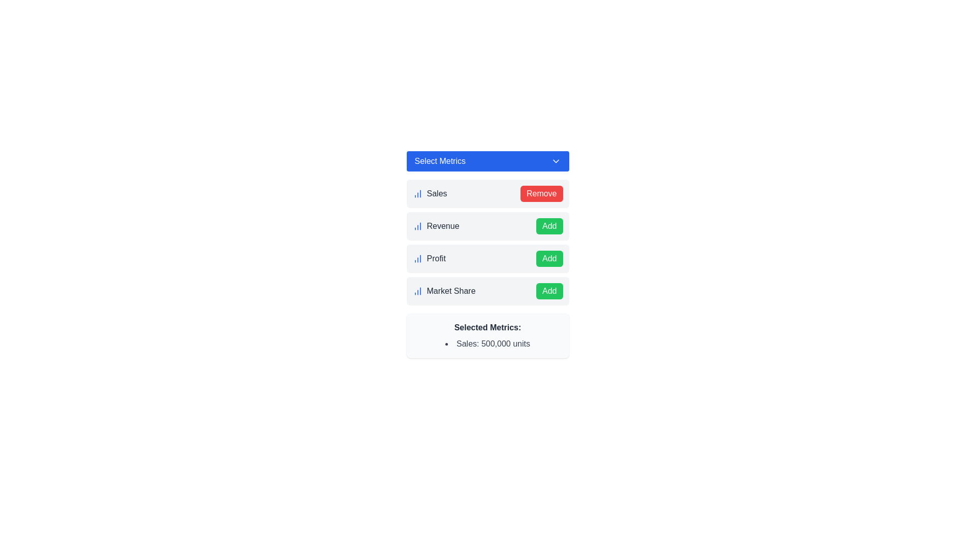 This screenshot has width=975, height=548. What do you see at coordinates (417, 193) in the screenshot?
I see `the sales data icon, which is an SVG-based graphic positioned to the far left of the 'Sales' text in the first row of a vertical list` at bounding box center [417, 193].